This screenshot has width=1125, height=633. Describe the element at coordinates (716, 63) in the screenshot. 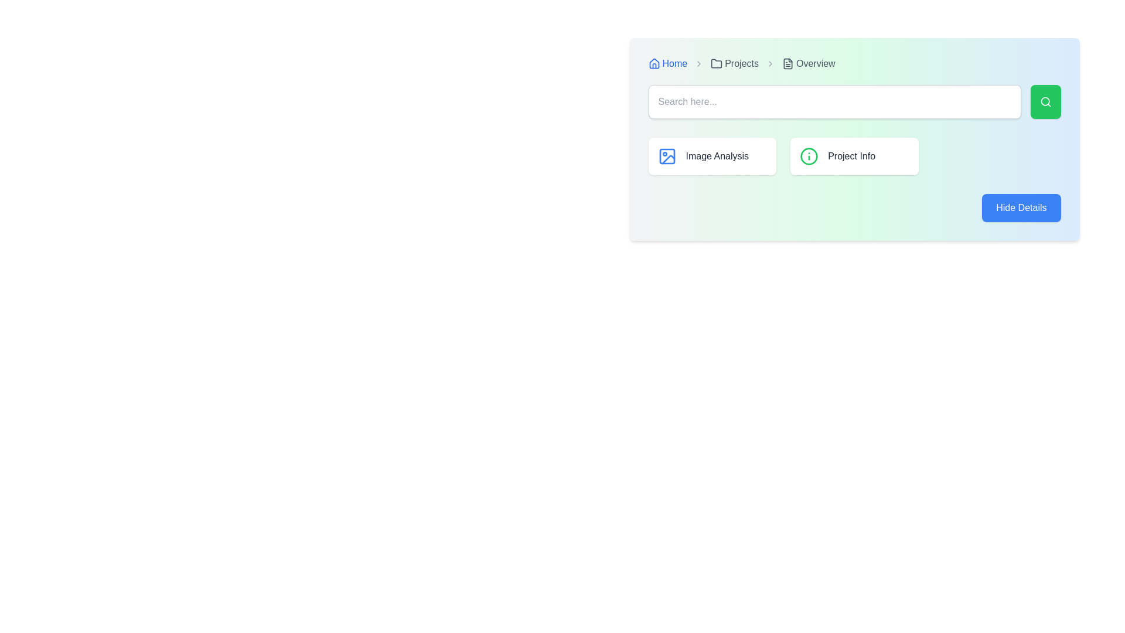

I see `the stylized folder icon in the breadcrumb navigation bar located to the left of the 'Projects' text label` at that location.